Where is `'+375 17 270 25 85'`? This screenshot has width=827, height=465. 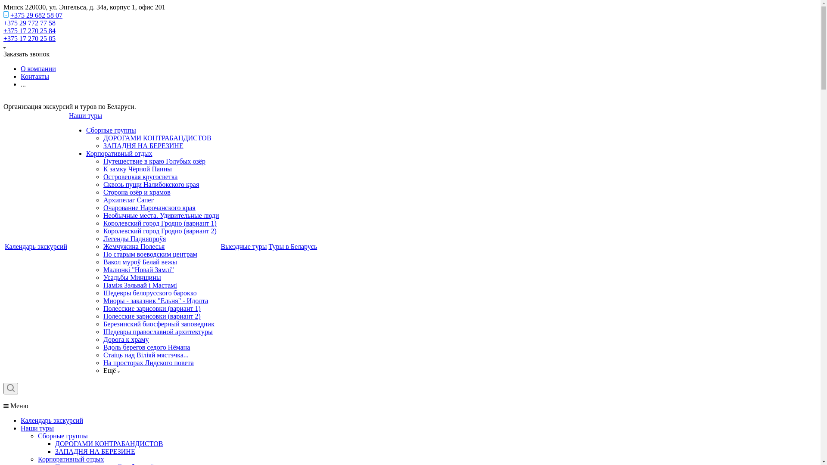
'+375 17 270 25 85' is located at coordinates (29, 38).